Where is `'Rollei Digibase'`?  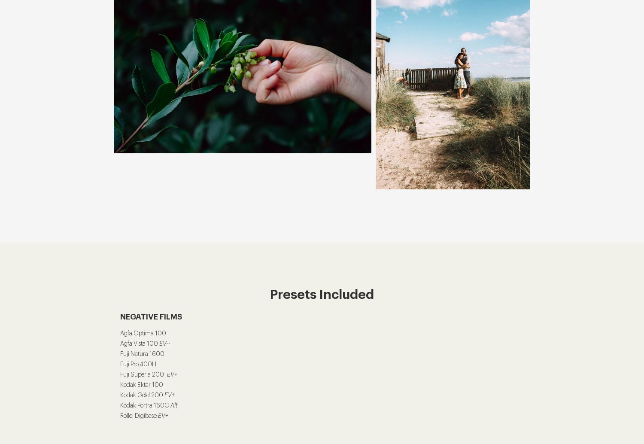 'Rollei Digibase' is located at coordinates (120, 415).